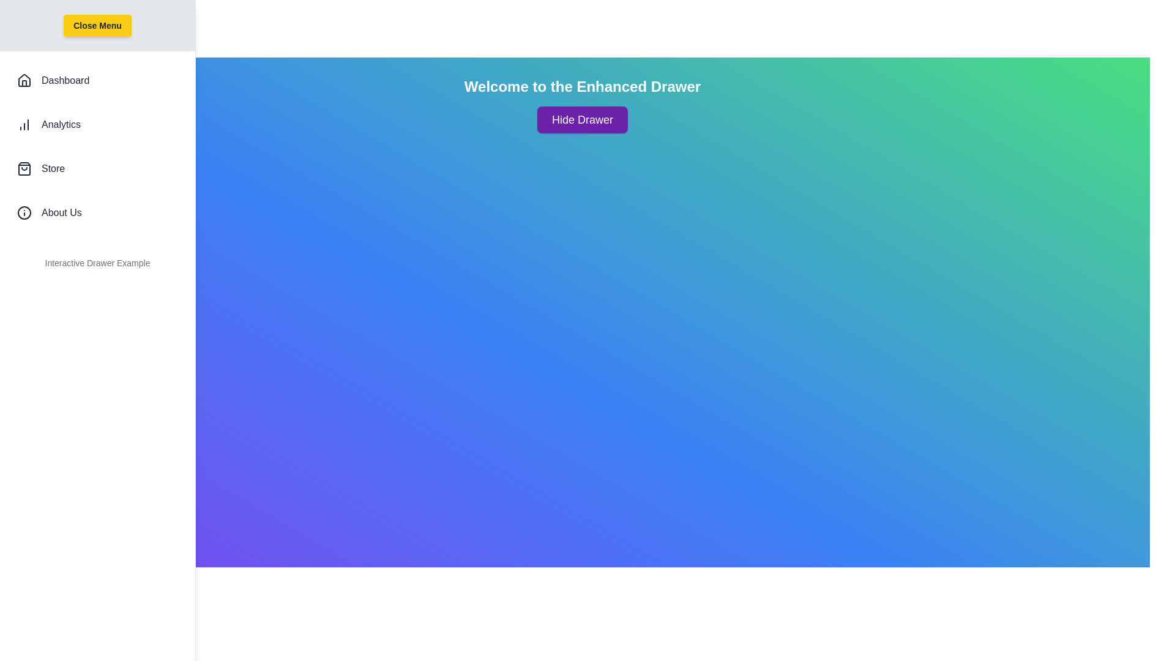 This screenshot has width=1175, height=661. I want to click on the 'Store' list item to navigate to the Store section, so click(97, 169).